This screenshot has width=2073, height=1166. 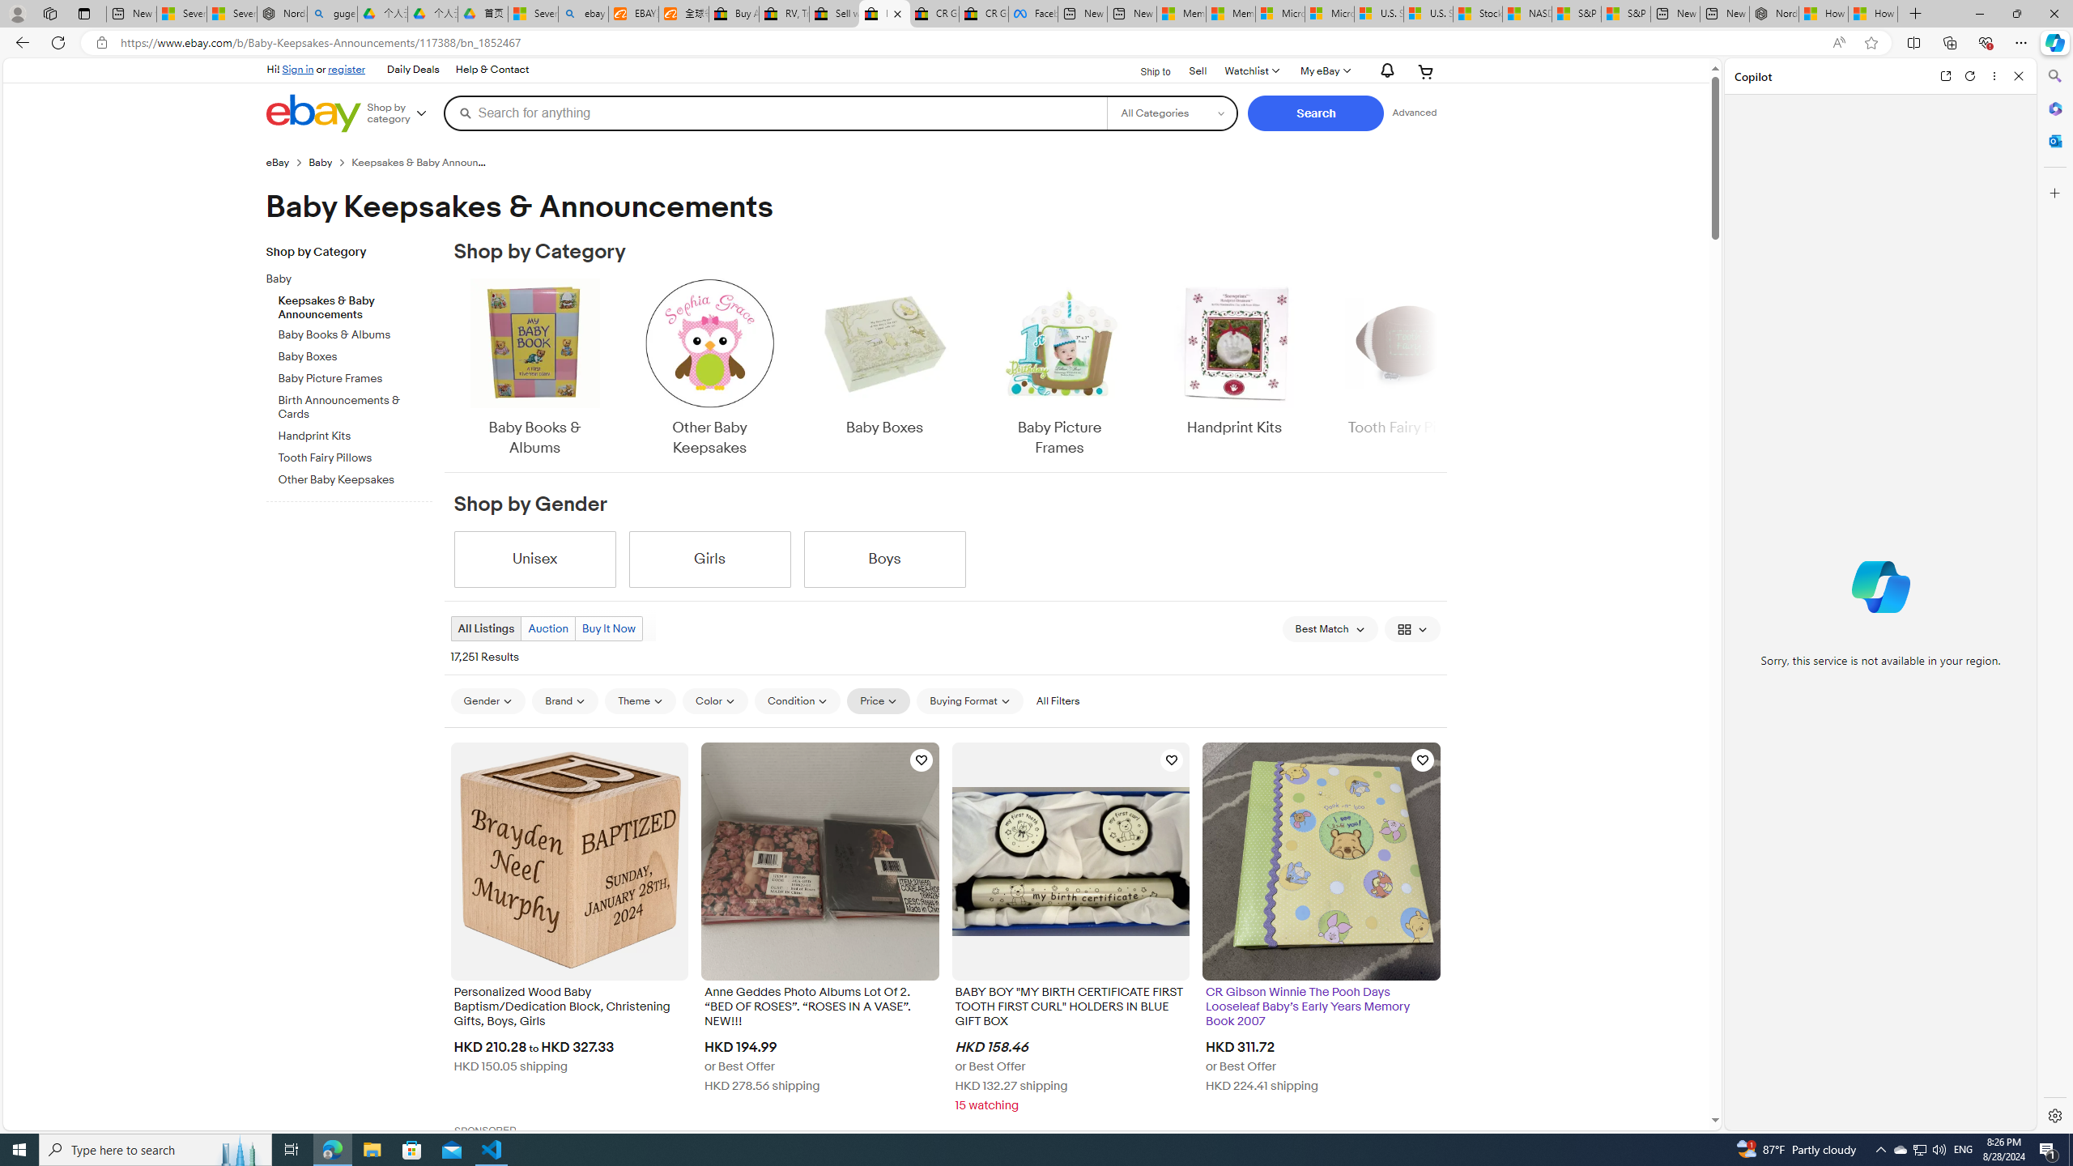 What do you see at coordinates (884, 368) in the screenshot?
I see `'Baby Boxes'` at bounding box center [884, 368].